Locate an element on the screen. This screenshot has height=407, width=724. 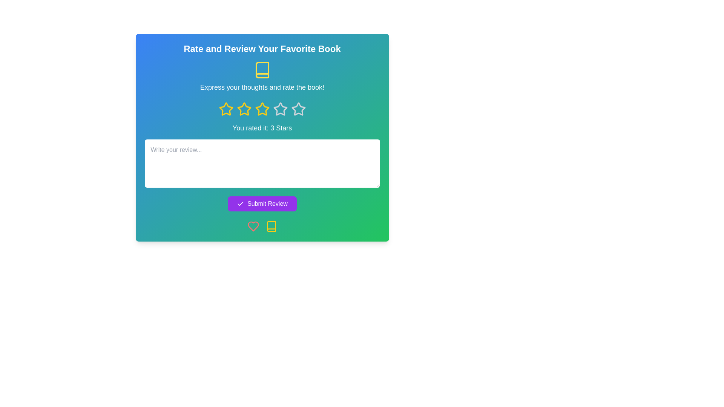
the fourth rating star icon, which is a yellow outlined star with no fill is located at coordinates (262, 109).